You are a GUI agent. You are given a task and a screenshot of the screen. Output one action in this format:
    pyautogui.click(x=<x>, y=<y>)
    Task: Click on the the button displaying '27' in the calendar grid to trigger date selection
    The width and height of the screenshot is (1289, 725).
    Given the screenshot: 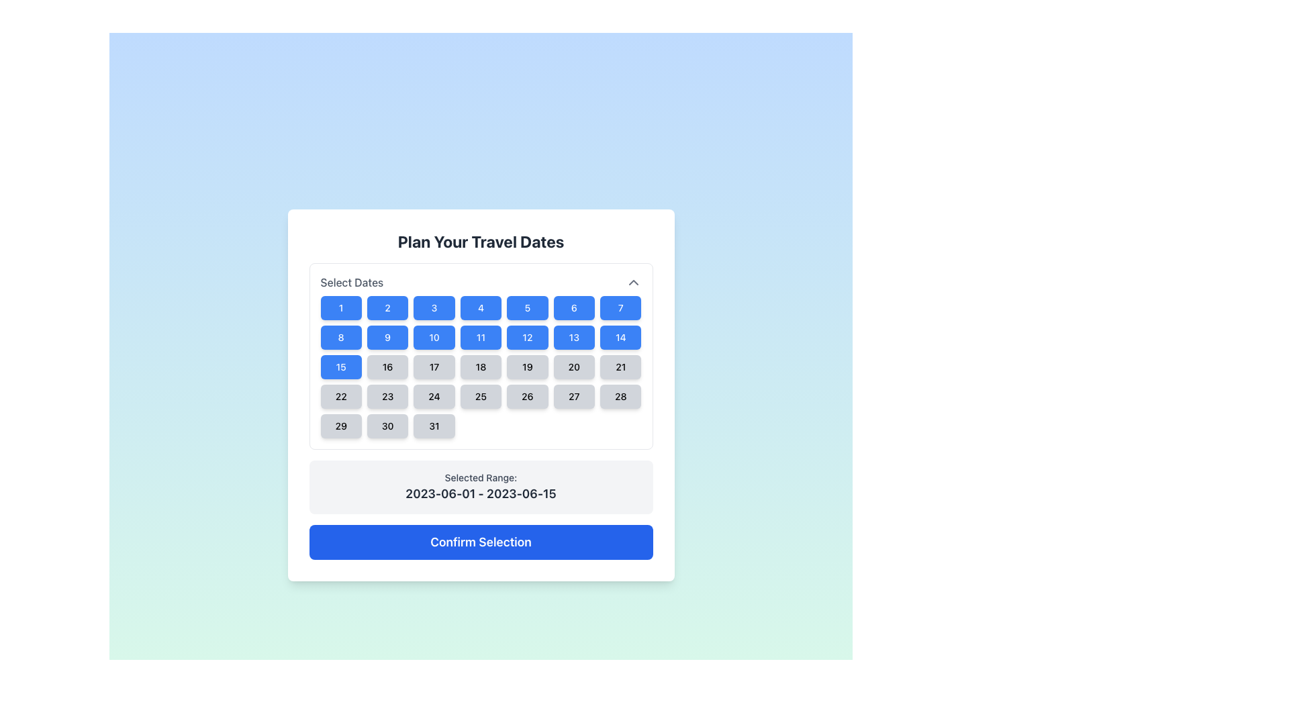 What is the action you would take?
    pyautogui.click(x=574, y=395)
    